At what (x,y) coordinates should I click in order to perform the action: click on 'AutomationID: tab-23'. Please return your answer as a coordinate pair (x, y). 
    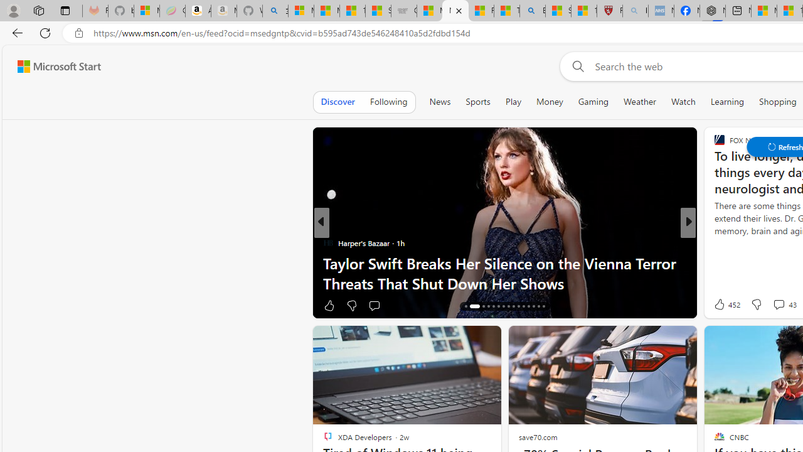
    Looking at the image, I should click on (508, 306).